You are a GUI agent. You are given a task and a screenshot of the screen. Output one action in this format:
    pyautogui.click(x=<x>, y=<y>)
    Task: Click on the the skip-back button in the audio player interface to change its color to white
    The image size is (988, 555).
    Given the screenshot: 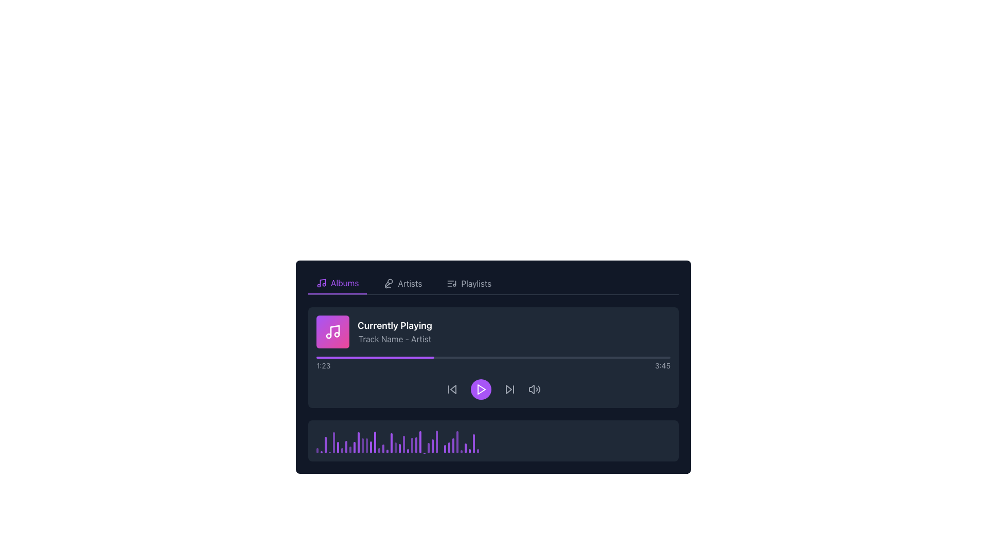 What is the action you would take?
    pyautogui.click(x=452, y=390)
    